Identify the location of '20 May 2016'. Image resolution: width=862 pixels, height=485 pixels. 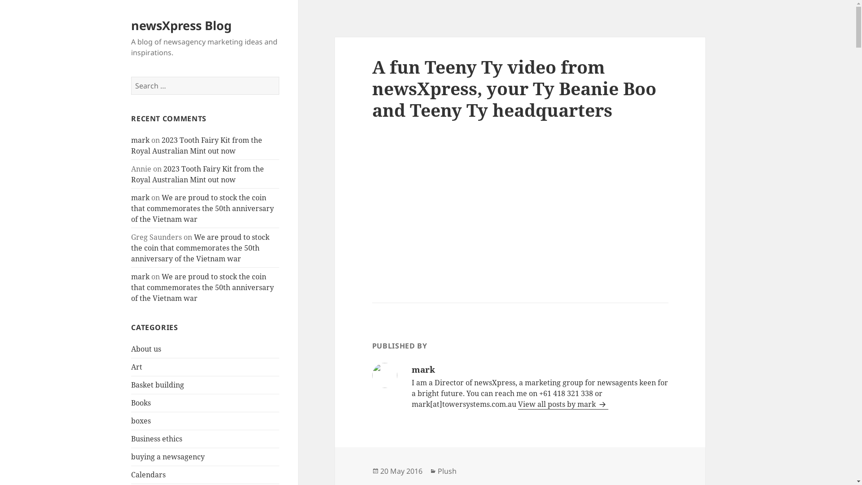
(400, 471).